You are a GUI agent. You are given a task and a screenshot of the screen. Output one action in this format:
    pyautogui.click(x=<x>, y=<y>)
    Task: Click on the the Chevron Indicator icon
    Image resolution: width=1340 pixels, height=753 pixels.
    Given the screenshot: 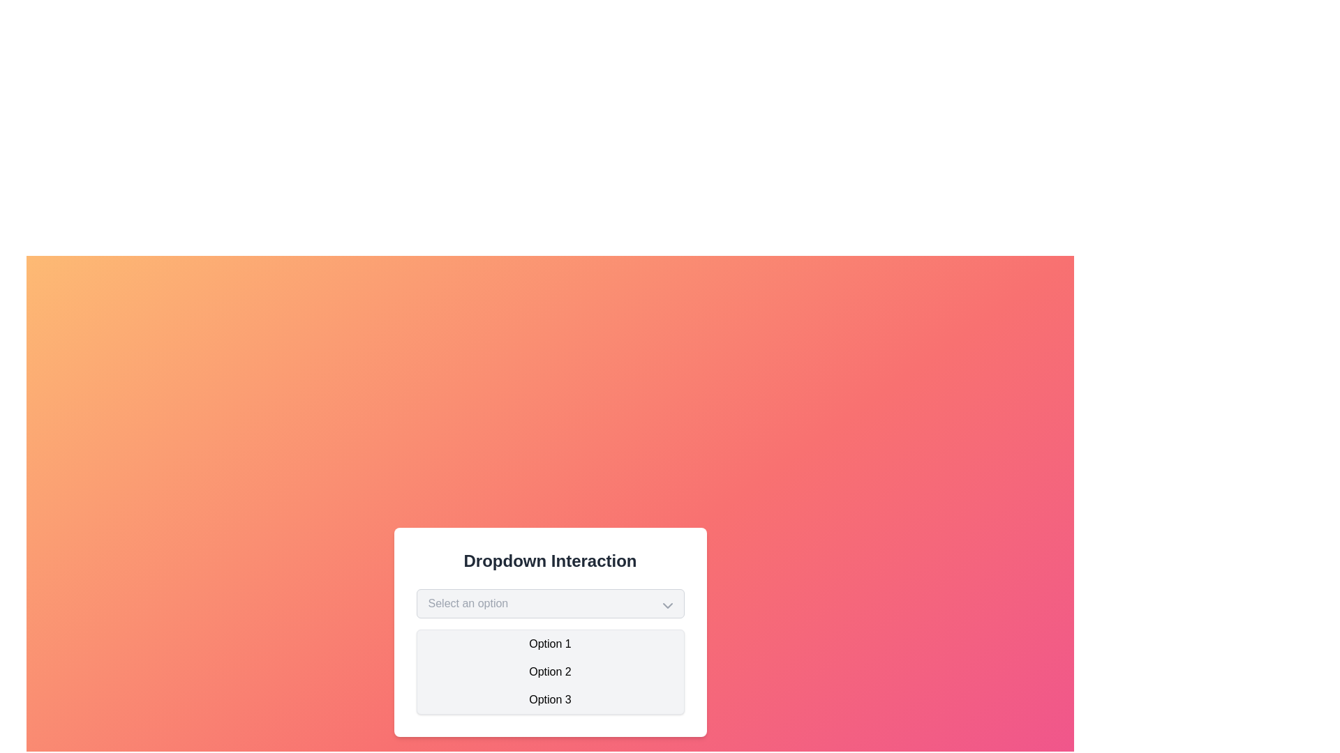 What is the action you would take?
    pyautogui.click(x=667, y=604)
    